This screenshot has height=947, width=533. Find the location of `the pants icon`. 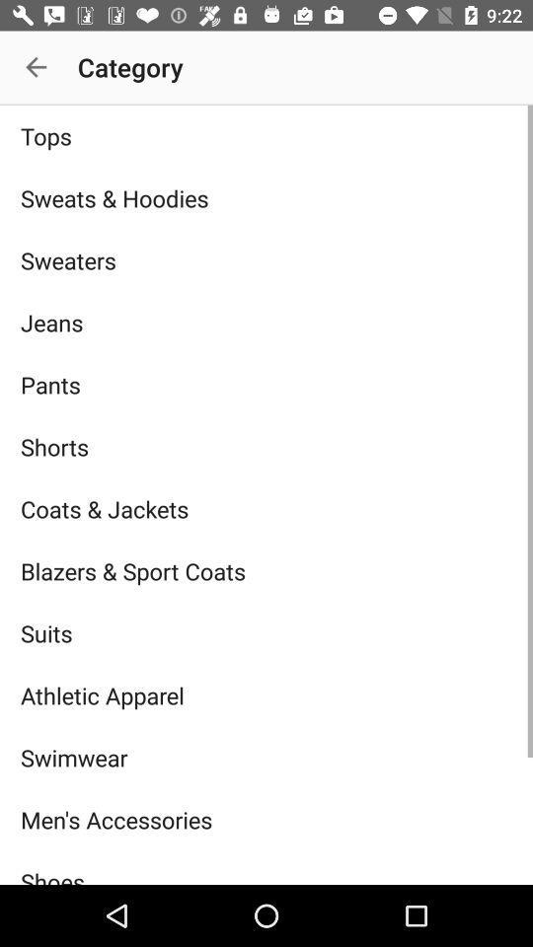

the pants icon is located at coordinates (266, 384).